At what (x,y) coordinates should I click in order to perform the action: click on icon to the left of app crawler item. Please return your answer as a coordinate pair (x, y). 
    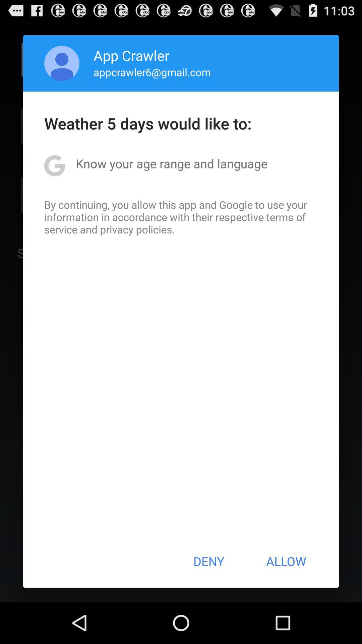
    Looking at the image, I should click on (62, 63).